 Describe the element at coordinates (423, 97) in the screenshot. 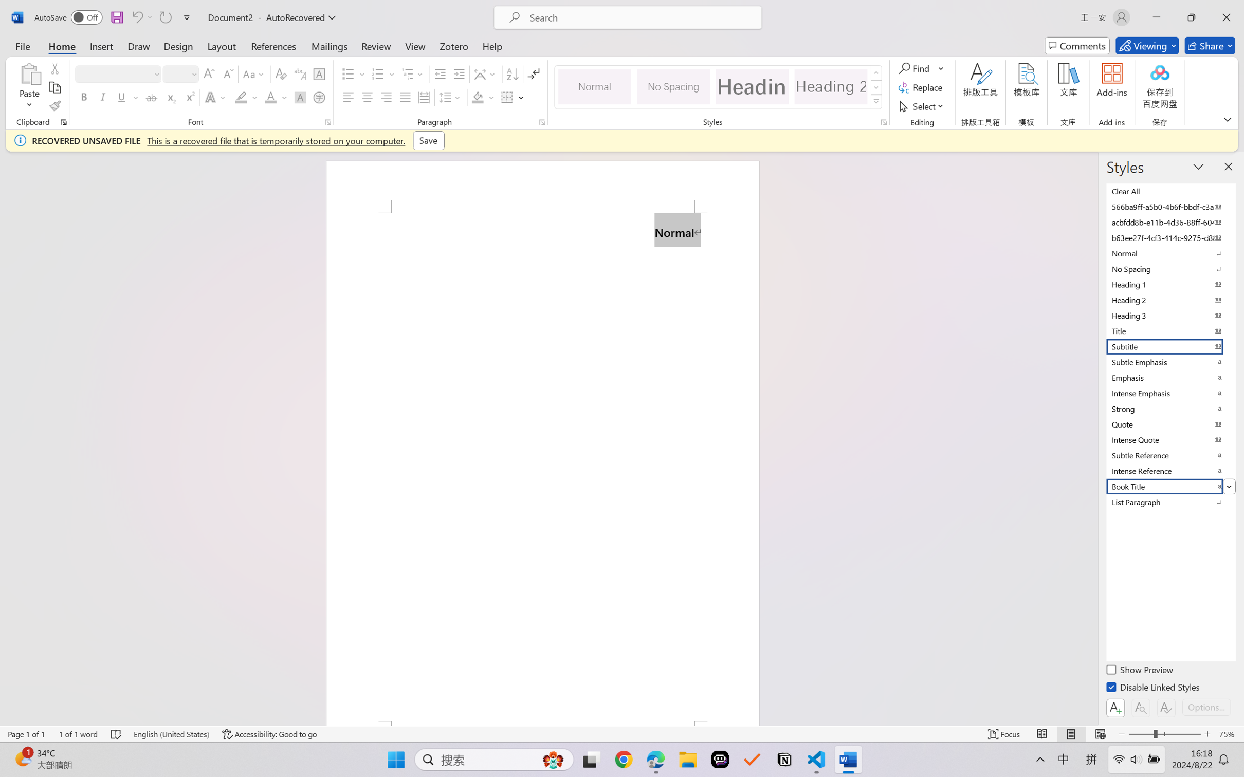

I see `'Distributed'` at that location.